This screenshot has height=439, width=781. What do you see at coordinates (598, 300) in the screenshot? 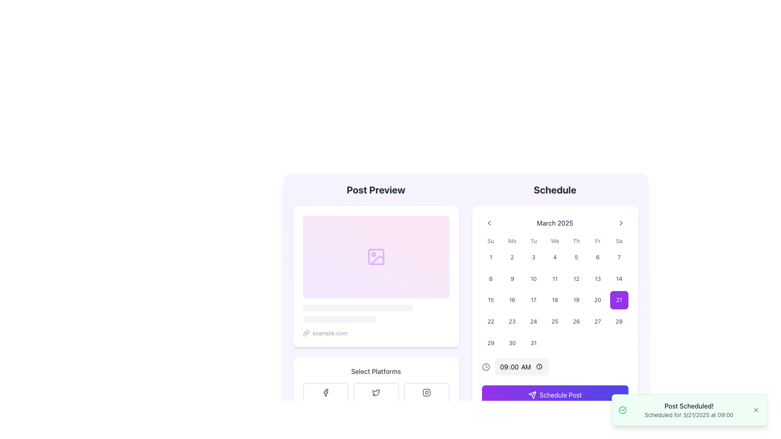
I see `the button labeled '20' in dark gray text located in the calendar grid layout under 'March 2025'` at bounding box center [598, 300].